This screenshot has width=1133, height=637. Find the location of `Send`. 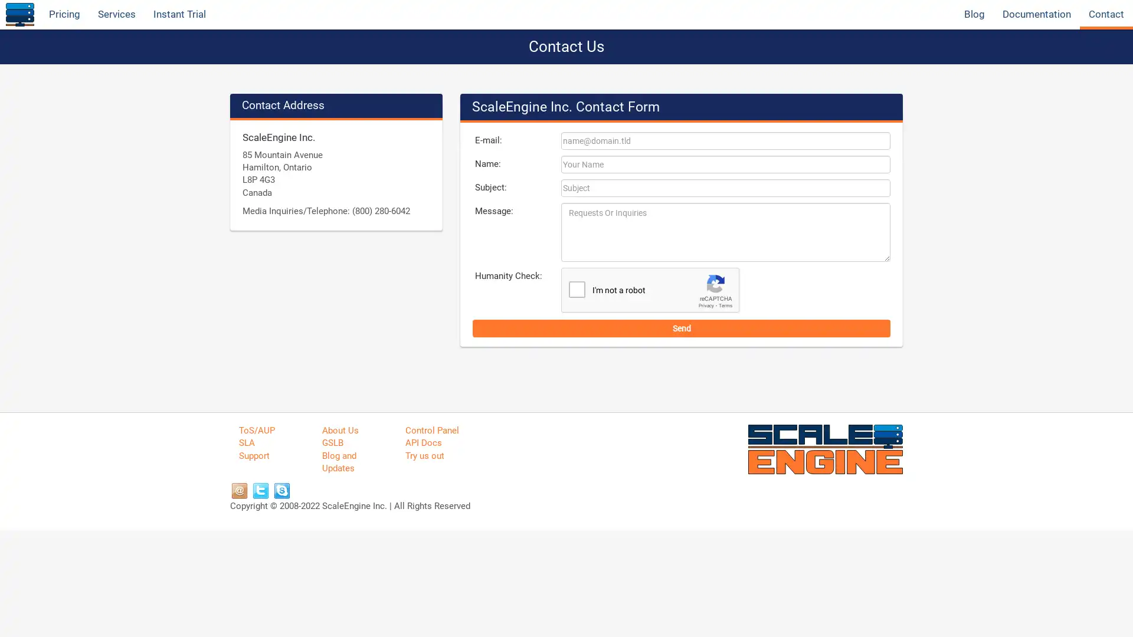

Send is located at coordinates (682, 327).